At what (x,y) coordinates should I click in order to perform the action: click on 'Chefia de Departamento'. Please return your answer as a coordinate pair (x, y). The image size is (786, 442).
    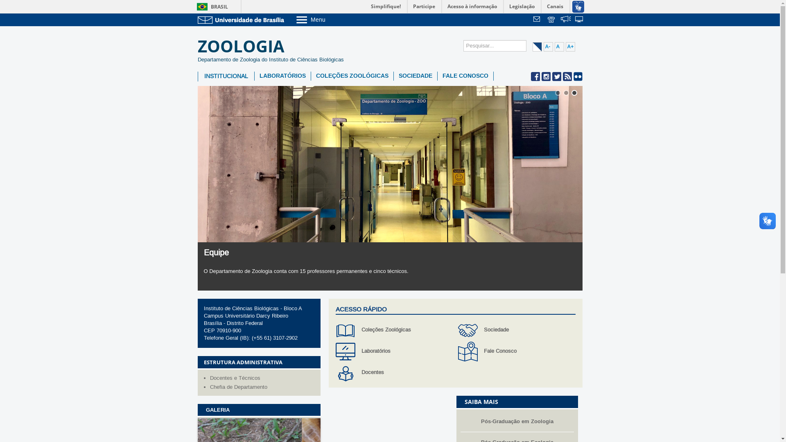
    Looking at the image, I should click on (263, 387).